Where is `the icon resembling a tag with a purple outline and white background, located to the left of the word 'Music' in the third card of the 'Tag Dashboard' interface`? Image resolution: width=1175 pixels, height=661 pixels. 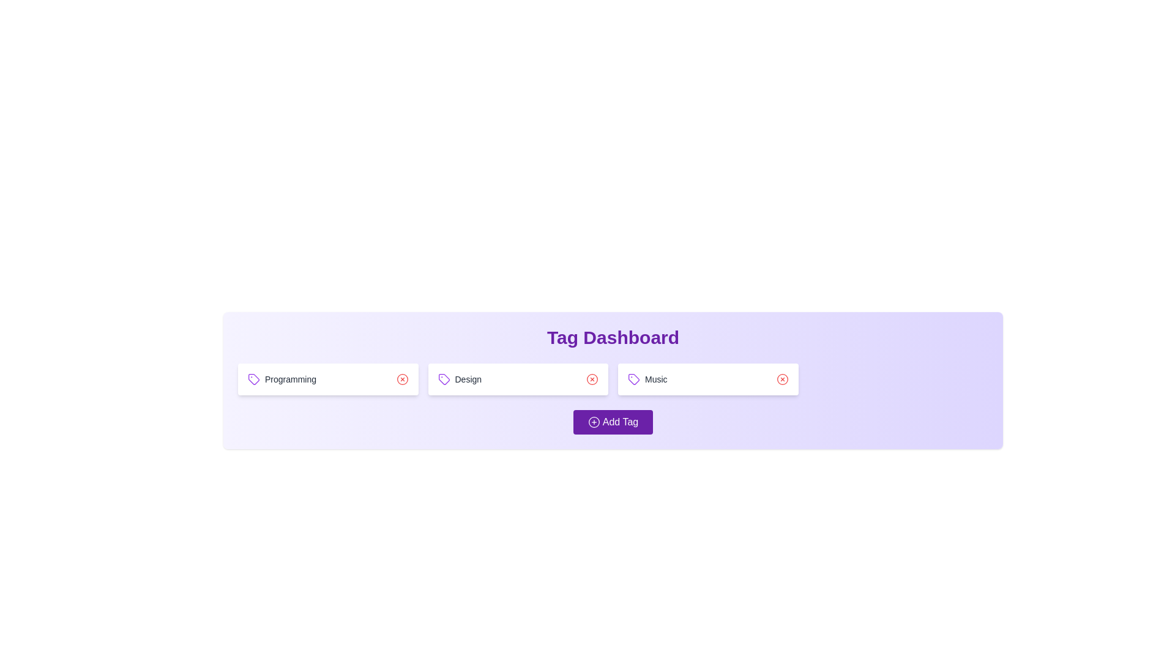 the icon resembling a tag with a purple outline and white background, located to the left of the word 'Music' in the third card of the 'Tag Dashboard' interface is located at coordinates (634, 379).